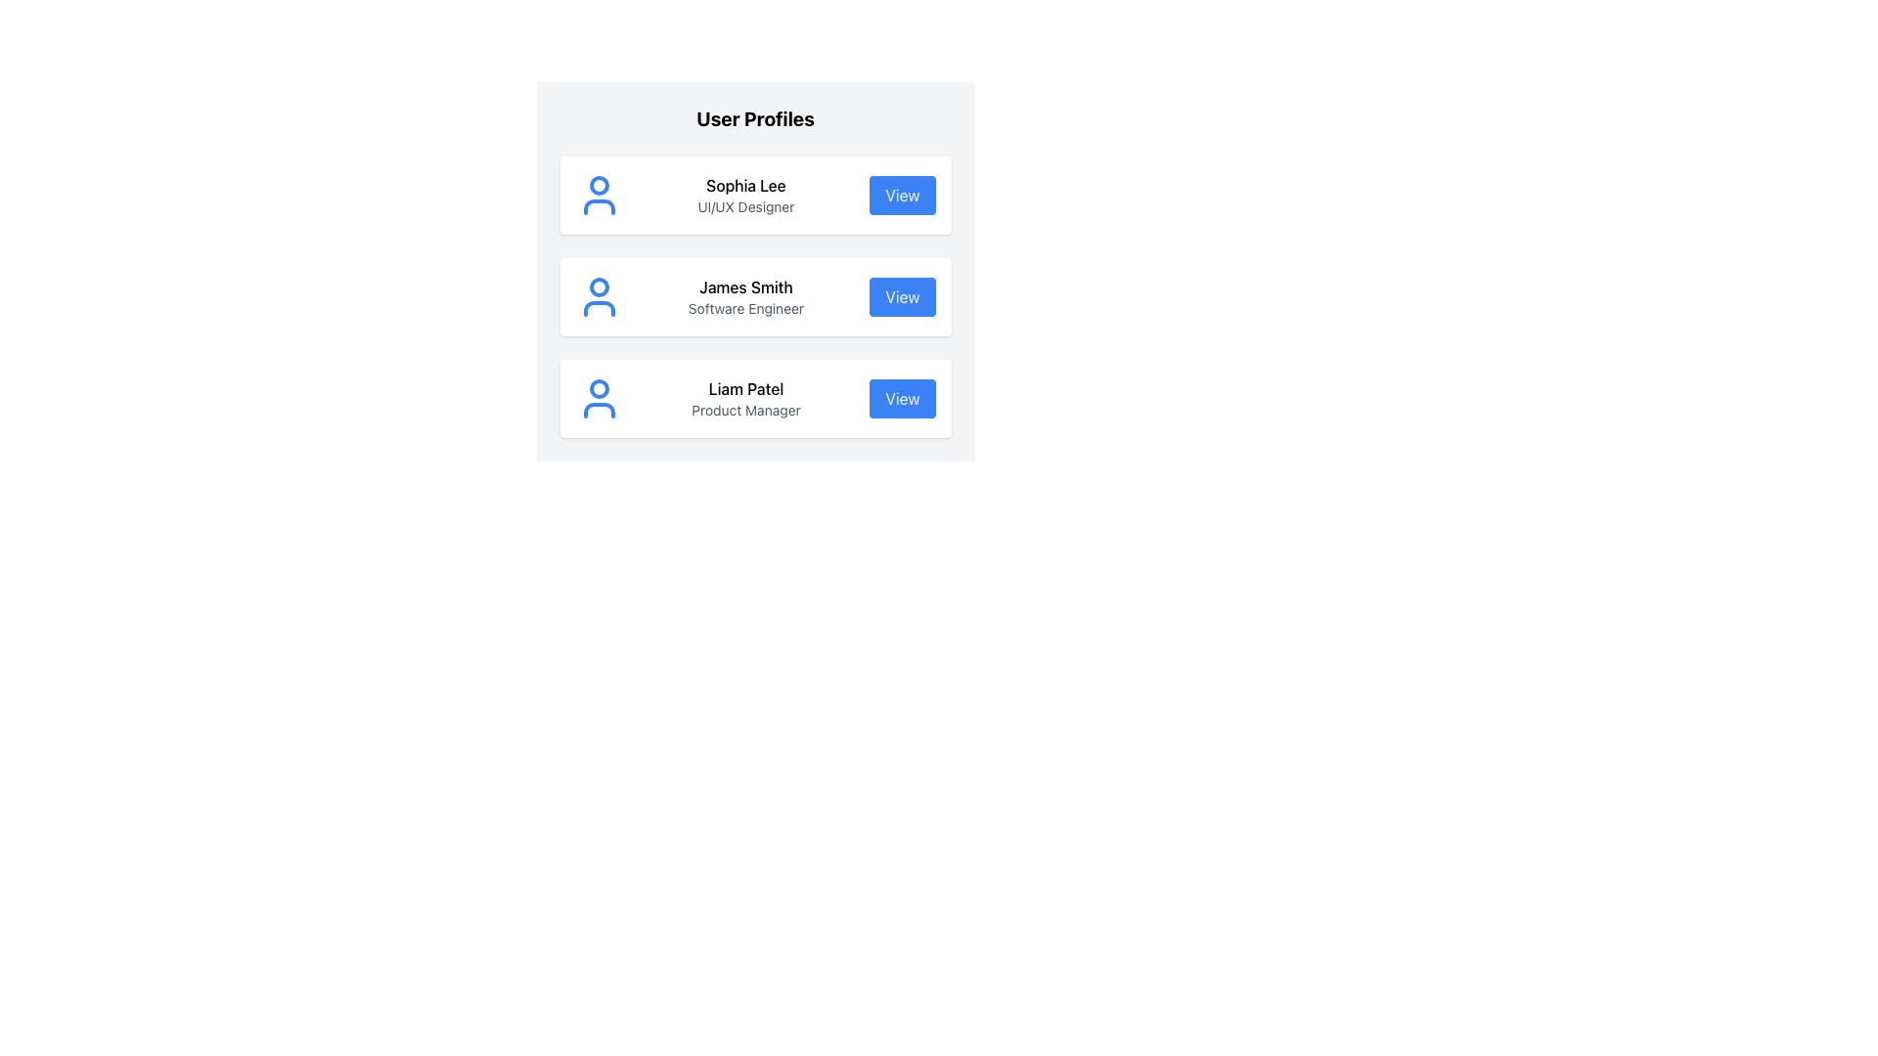 The width and height of the screenshot is (1878, 1056). What do you see at coordinates (598, 398) in the screenshot?
I see `the blue user avatar icon located at the top-left corner of the user profile card containing the text 'Liam Patel' and 'Product Manager'` at bounding box center [598, 398].